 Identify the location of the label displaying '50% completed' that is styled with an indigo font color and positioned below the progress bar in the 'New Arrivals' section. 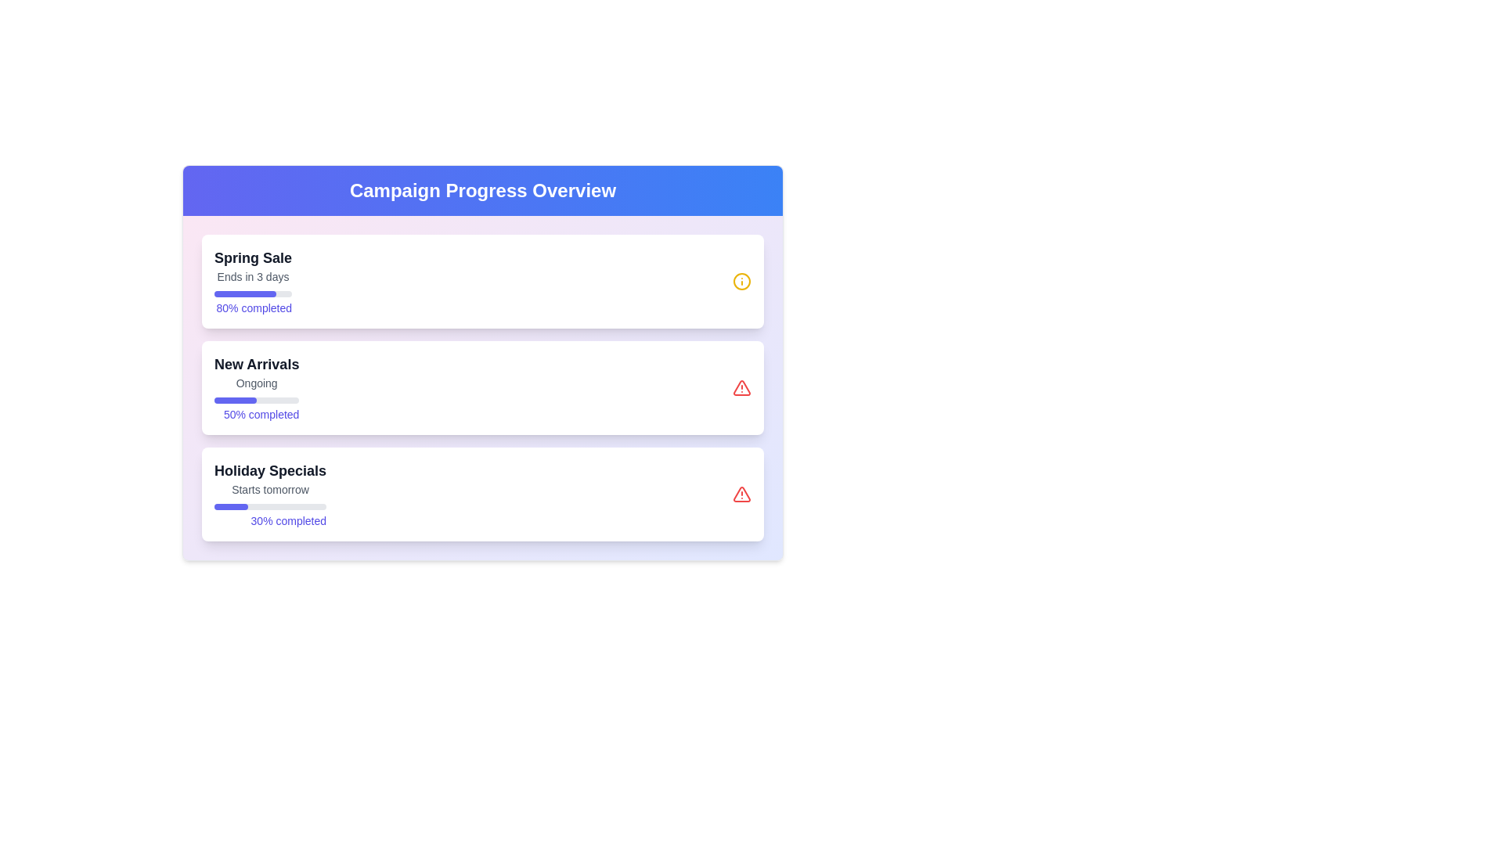
(257, 413).